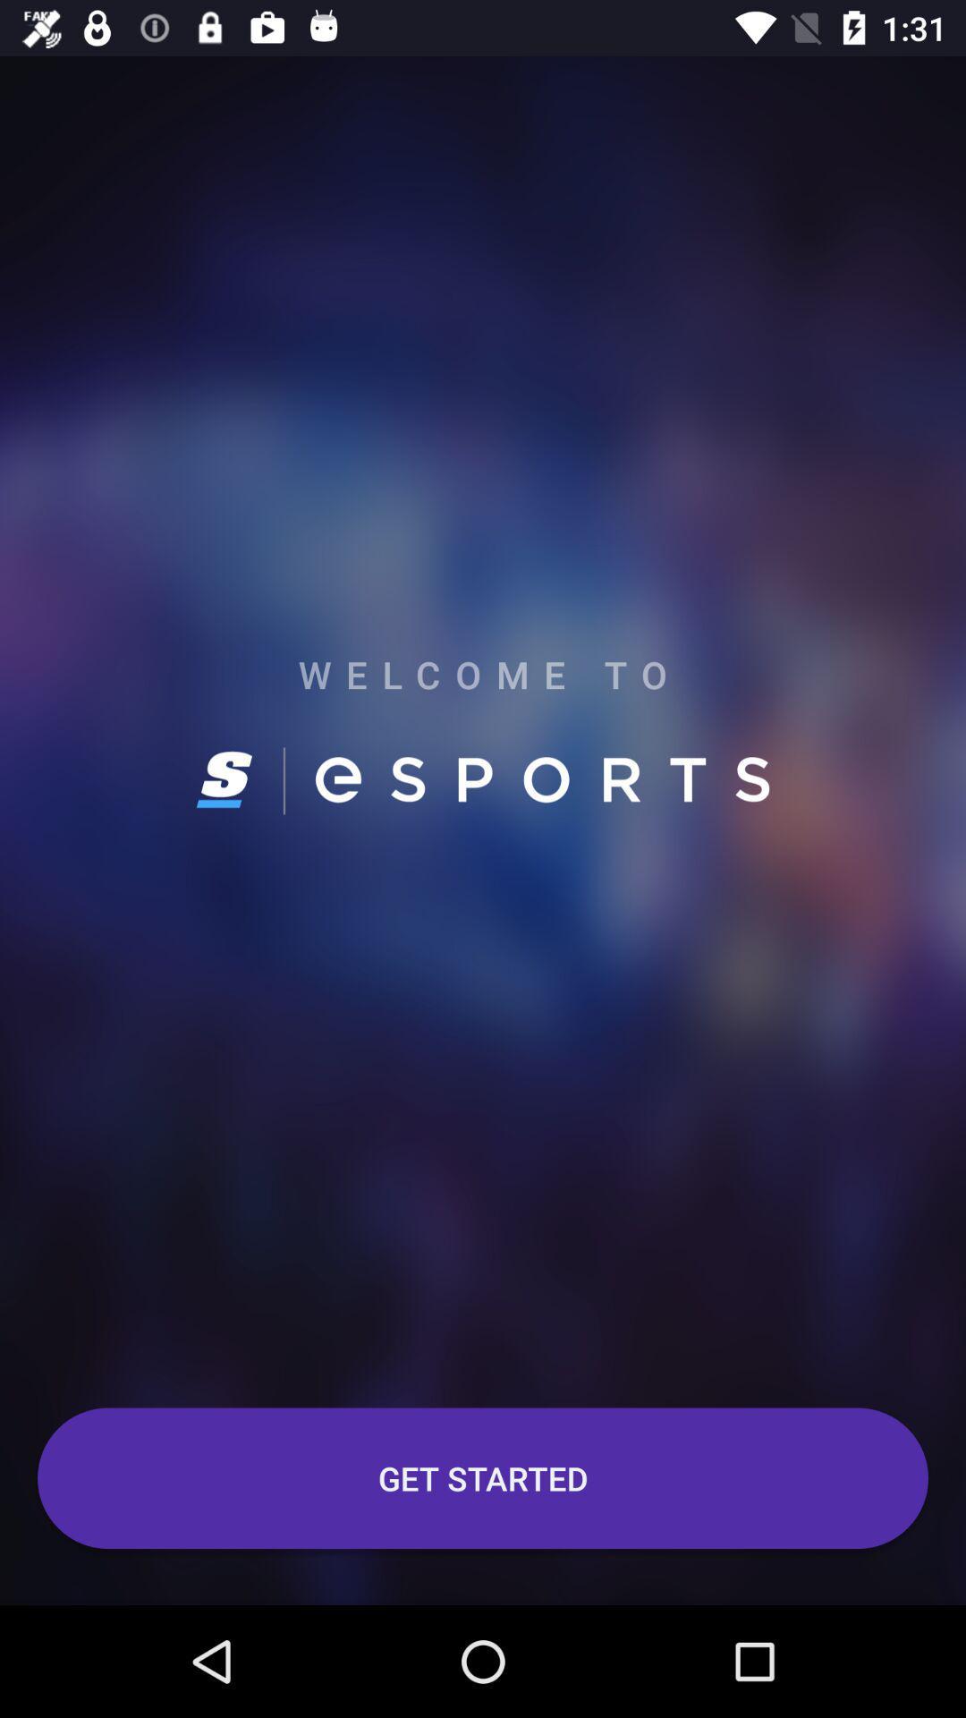 This screenshot has height=1718, width=966. I want to click on get started icon, so click(483, 1478).